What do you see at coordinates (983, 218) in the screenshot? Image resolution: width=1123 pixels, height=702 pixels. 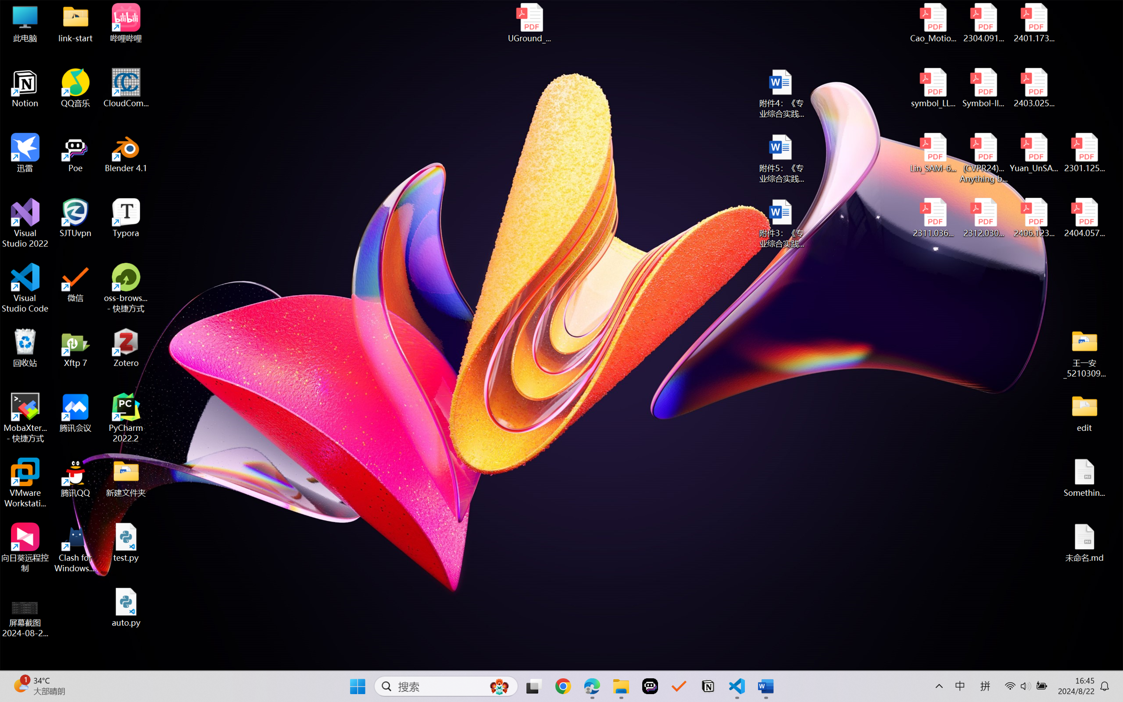 I see `'2312.03032v2.pdf'` at bounding box center [983, 218].